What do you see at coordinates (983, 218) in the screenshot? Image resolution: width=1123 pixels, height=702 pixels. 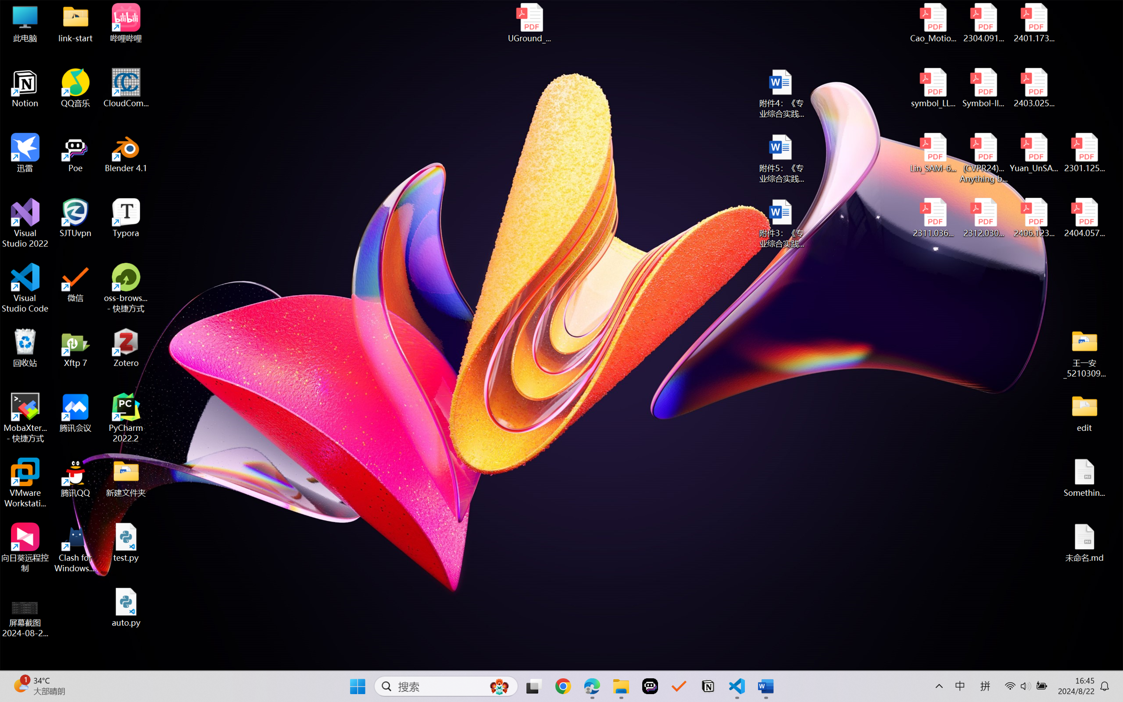 I see `'2312.03032v2.pdf'` at bounding box center [983, 218].